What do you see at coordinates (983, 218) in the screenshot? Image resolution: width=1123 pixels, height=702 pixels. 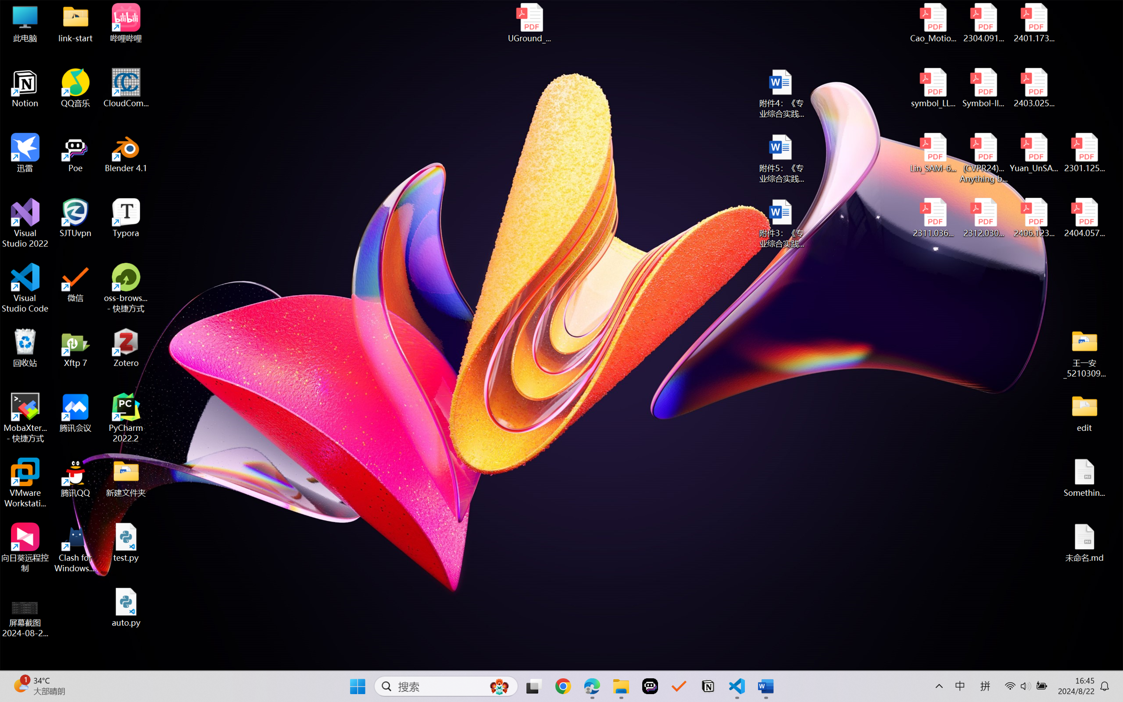 I see `'2312.03032v2.pdf'` at bounding box center [983, 218].